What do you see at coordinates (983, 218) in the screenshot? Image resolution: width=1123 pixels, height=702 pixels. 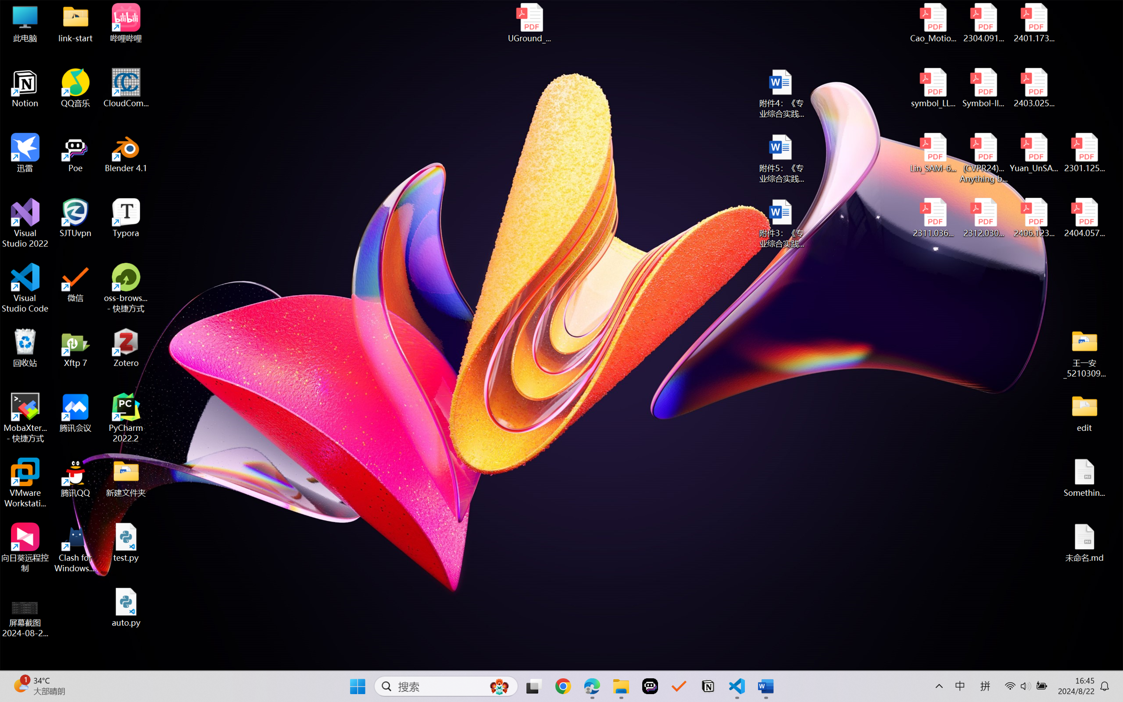 I see `'2312.03032v2.pdf'` at bounding box center [983, 218].